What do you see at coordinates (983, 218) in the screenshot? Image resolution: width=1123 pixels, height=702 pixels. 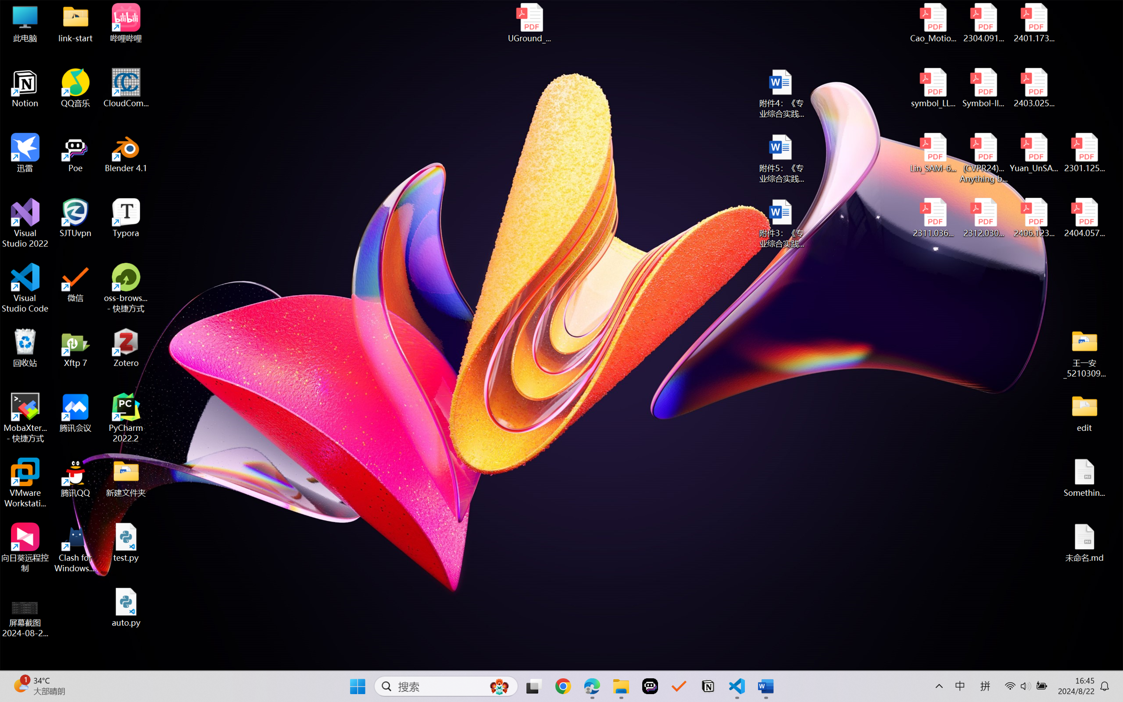 I see `'2312.03032v2.pdf'` at bounding box center [983, 218].